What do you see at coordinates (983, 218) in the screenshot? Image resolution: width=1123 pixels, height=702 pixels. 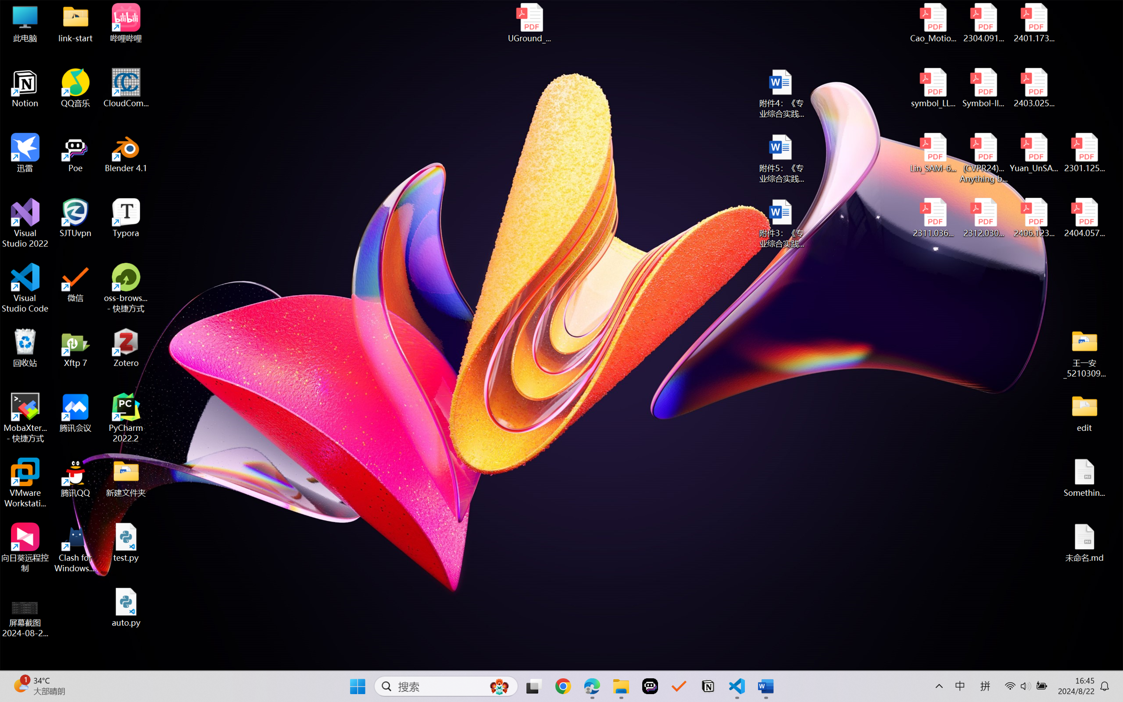 I see `'2312.03032v2.pdf'` at bounding box center [983, 218].